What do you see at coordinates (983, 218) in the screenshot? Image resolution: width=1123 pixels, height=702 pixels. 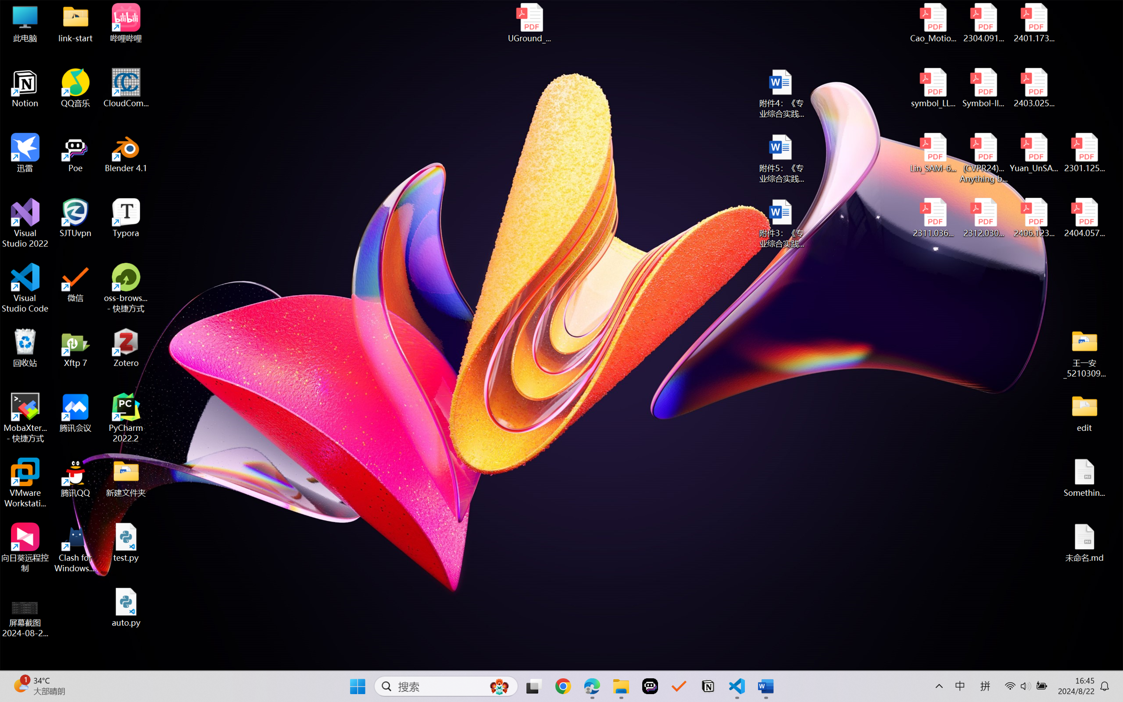 I see `'2312.03032v2.pdf'` at bounding box center [983, 218].